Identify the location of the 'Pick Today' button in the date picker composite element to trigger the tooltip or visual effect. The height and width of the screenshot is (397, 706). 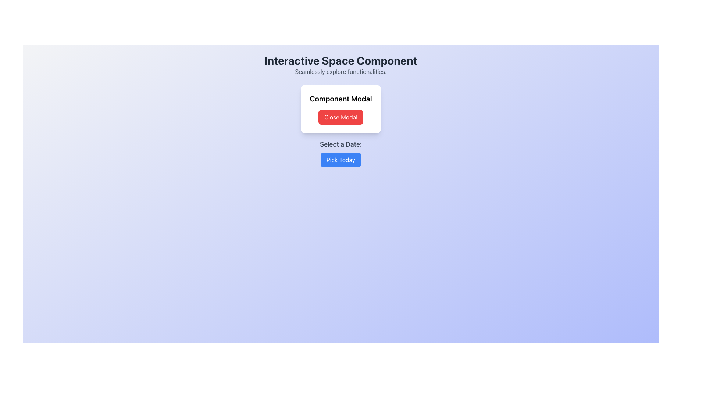
(340, 153).